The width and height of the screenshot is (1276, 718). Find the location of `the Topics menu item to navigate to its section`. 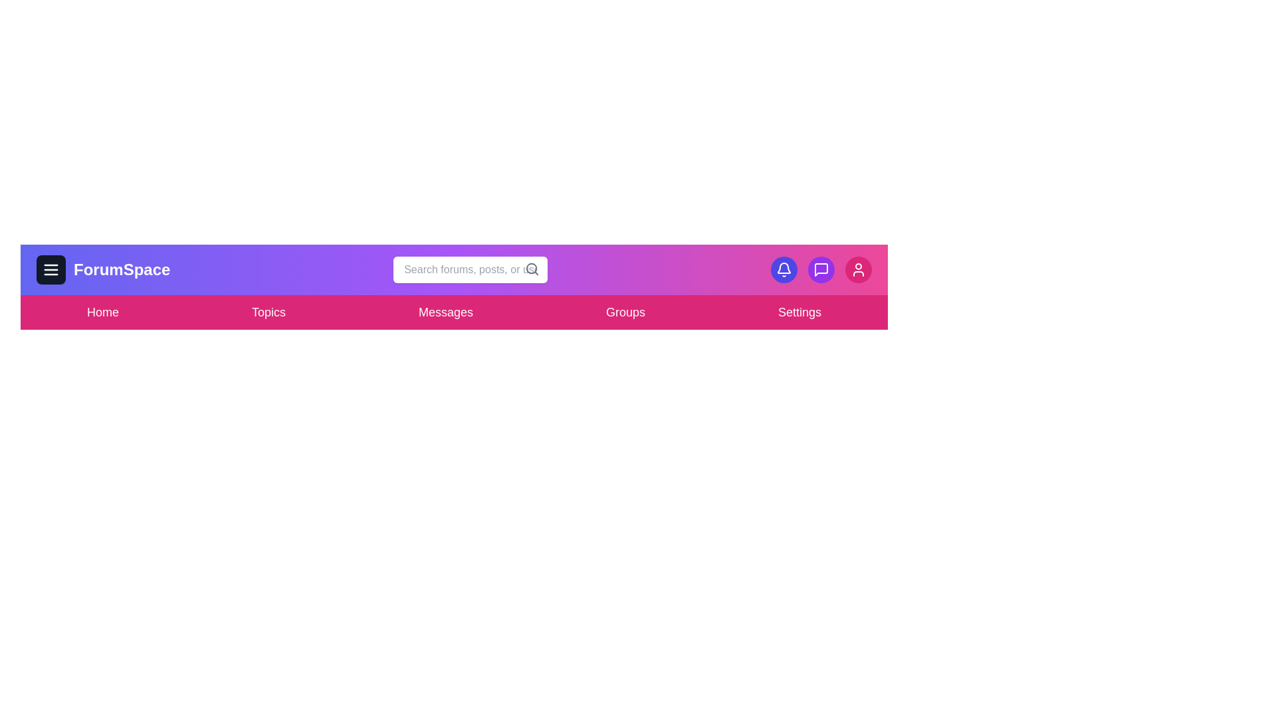

the Topics menu item to navigate to its section is located at coordinates (268, 312).